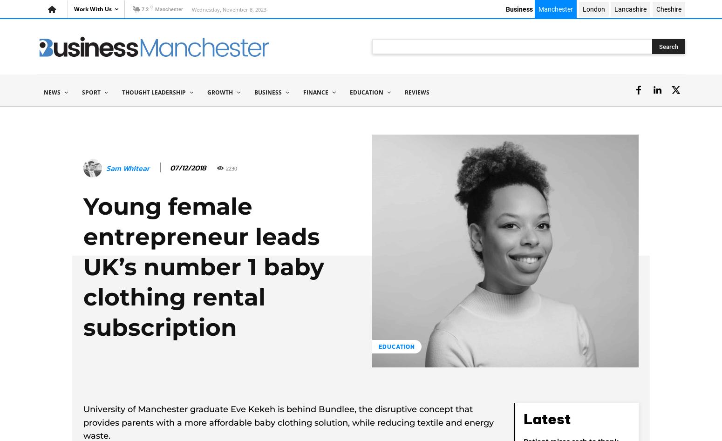 The width and height of the screenshot is (722, 441). What do you see at coordinates (417, 92) in the screenshot?
I see `'Reviews'` at bounding box center [417, 92].